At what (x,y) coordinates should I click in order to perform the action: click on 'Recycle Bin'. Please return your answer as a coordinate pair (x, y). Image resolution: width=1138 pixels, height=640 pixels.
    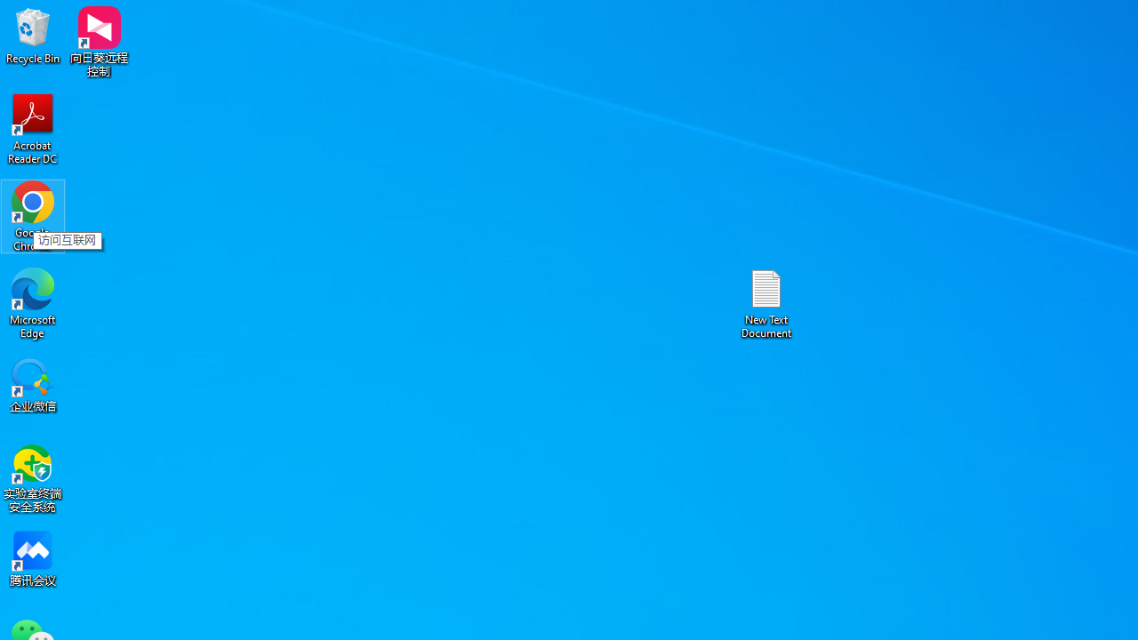
    Looking at the image, I should click on (33, 35).